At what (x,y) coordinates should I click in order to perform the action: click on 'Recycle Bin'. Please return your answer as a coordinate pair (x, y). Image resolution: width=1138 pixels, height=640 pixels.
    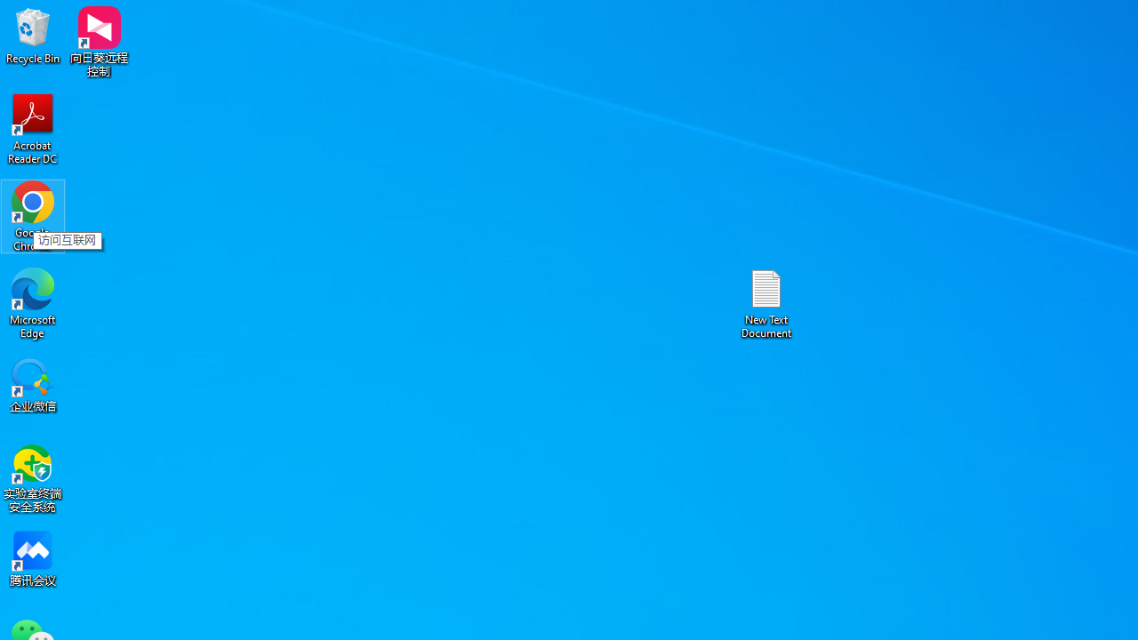
    Looking at the image, I should click on (33, 35).